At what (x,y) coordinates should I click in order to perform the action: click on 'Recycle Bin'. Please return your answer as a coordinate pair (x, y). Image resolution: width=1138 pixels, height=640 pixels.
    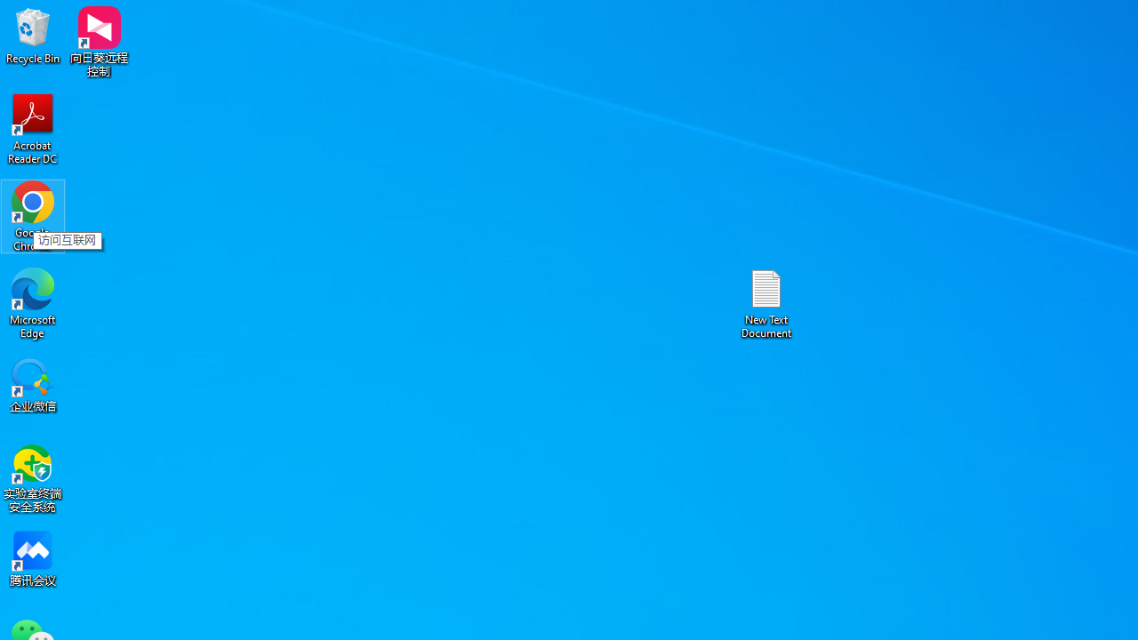
    Looking at the image, I should click on (33, 35).